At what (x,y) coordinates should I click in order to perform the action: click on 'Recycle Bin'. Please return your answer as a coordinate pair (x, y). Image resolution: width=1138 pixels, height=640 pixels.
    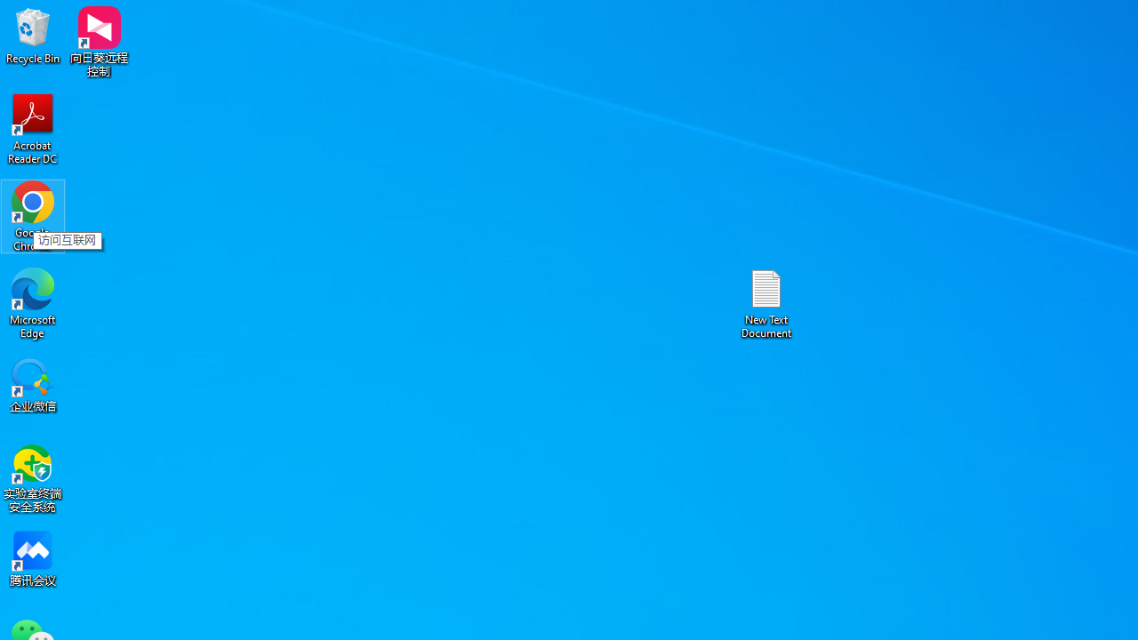
    Looking at the image, I should click on (33, 35).